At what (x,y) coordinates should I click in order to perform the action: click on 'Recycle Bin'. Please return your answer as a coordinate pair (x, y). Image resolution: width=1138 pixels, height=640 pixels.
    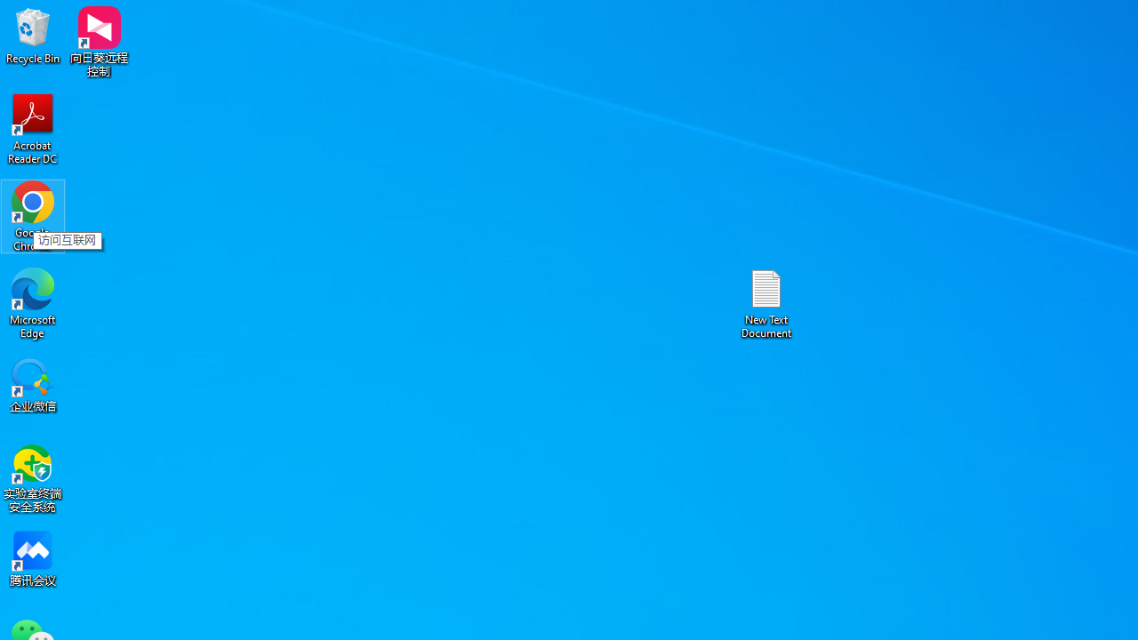
    Looking at the image, I should click on (33, 35).